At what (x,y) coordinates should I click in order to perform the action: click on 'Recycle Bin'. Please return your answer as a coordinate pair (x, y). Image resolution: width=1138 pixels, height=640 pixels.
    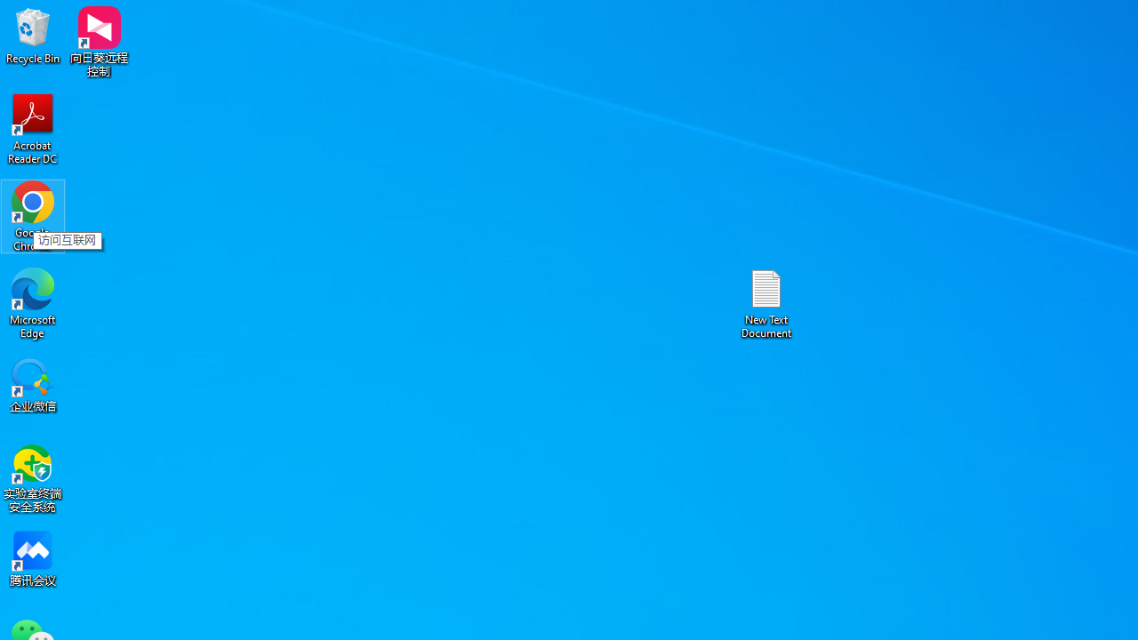
    Looking at the image, I should click on (33, 35).